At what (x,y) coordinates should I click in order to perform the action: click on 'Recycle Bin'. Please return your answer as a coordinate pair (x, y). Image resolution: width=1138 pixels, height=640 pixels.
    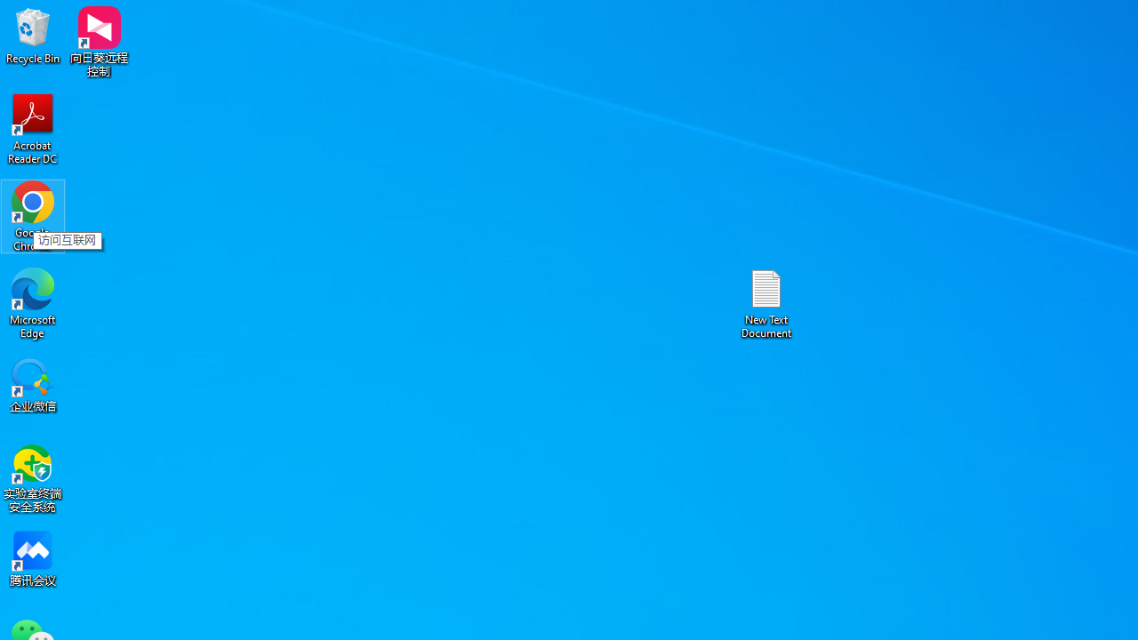
    Looking at the image, I should click on (33, 35).